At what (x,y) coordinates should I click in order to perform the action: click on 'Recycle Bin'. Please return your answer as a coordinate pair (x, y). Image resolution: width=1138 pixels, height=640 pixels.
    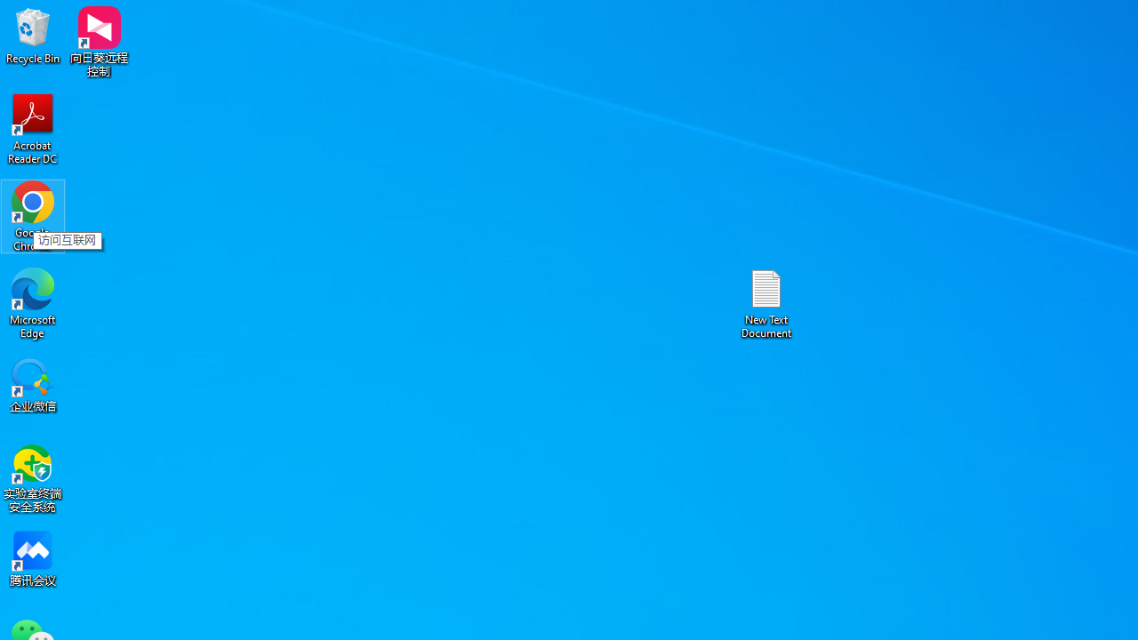
    Looking at the image, I should click on (33, 35).